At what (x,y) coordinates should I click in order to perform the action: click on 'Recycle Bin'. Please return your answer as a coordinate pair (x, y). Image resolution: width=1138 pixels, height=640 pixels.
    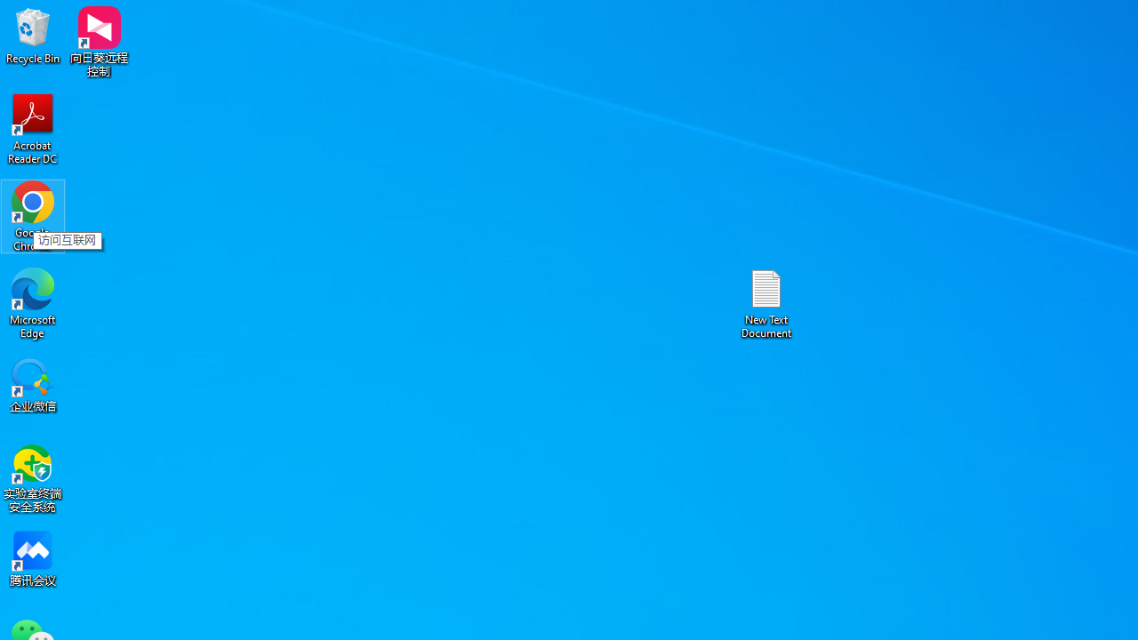
    Looking at the image, I should click on (33, 35).